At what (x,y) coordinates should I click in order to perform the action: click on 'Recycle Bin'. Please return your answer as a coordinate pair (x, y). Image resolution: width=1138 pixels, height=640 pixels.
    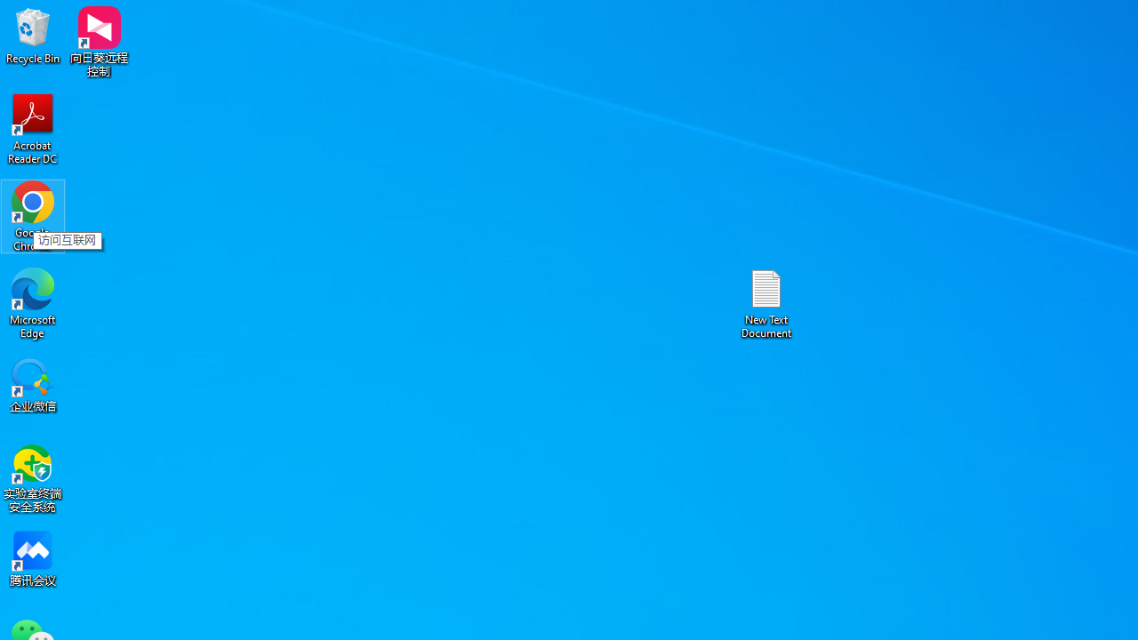
    Looking at the image, I should click on (33, 35).